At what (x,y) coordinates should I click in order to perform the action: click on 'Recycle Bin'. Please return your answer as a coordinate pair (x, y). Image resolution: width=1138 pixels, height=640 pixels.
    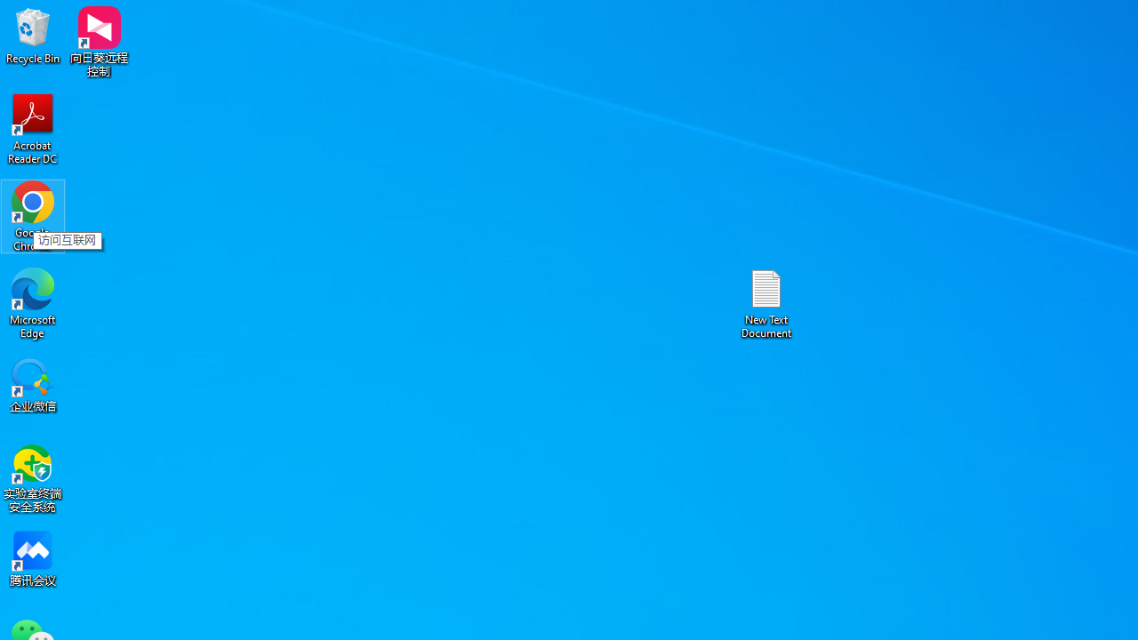
    Looking at the image, I should click on (33, 35).